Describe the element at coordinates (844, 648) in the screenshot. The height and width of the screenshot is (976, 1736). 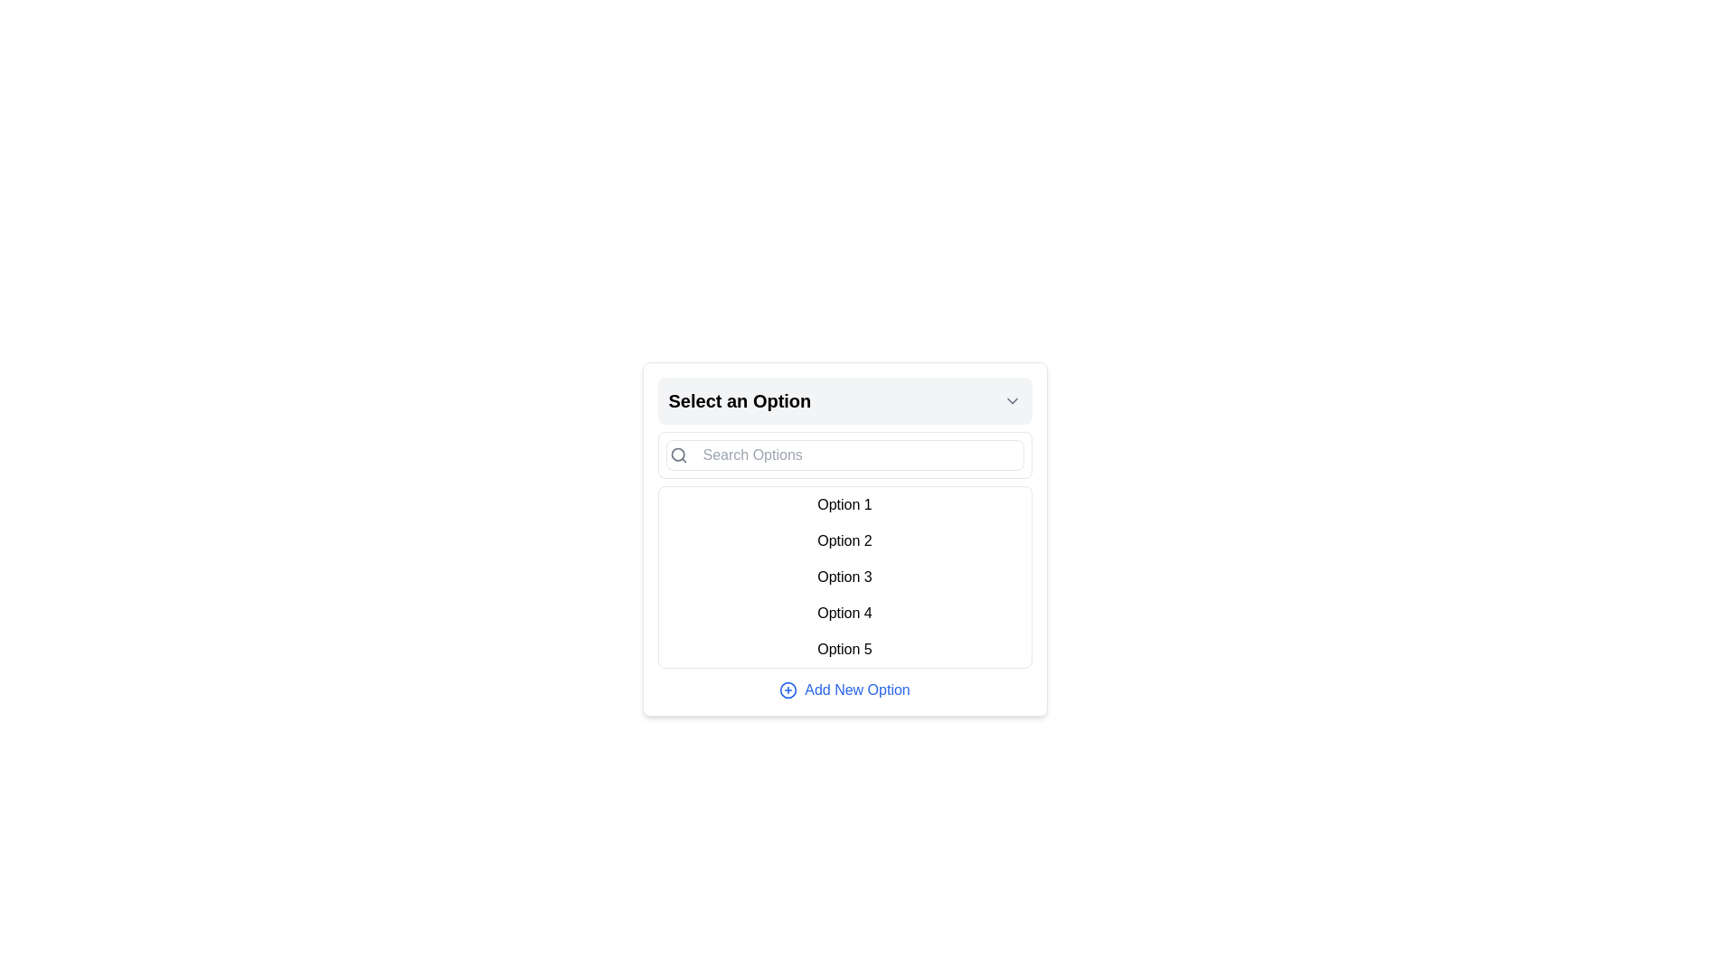
I see `the list item displaying 'Option 5' in a dropdown selection list` at that location.